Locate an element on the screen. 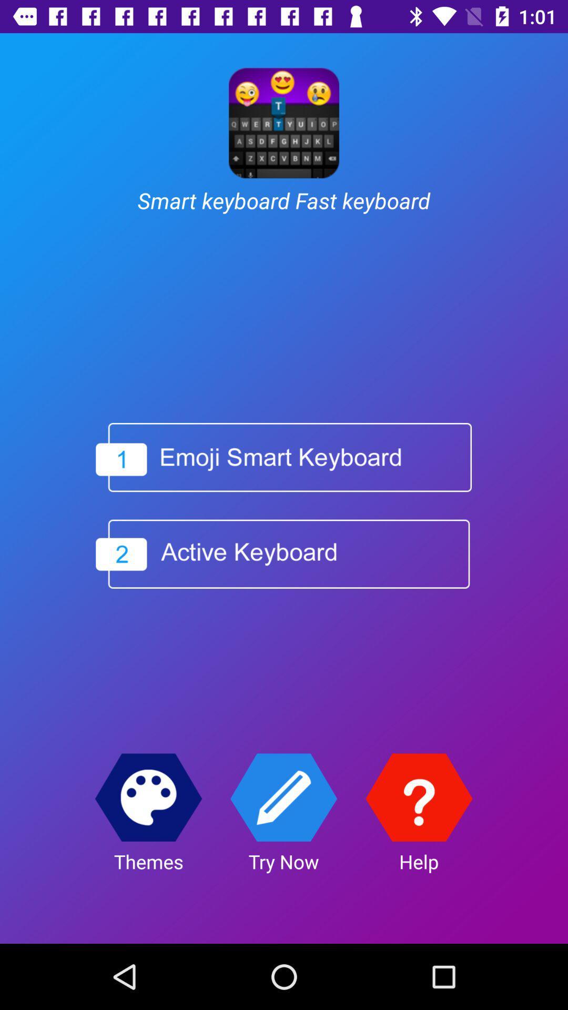  the app above the help item is located at coordinates (418, 797).